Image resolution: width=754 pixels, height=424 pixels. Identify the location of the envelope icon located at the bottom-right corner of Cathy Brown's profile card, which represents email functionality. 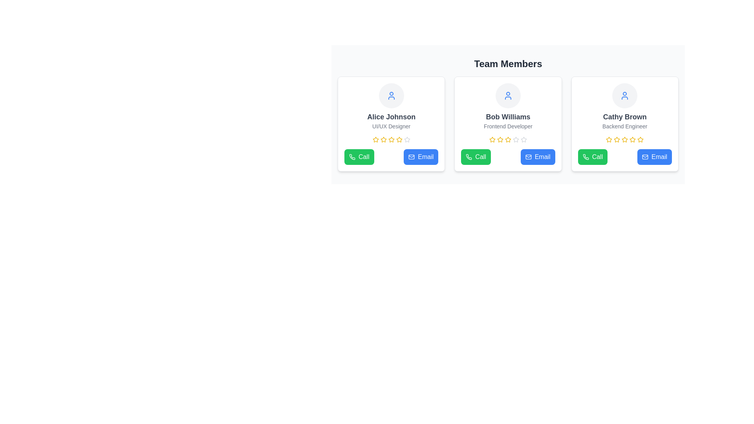
(645, 157).